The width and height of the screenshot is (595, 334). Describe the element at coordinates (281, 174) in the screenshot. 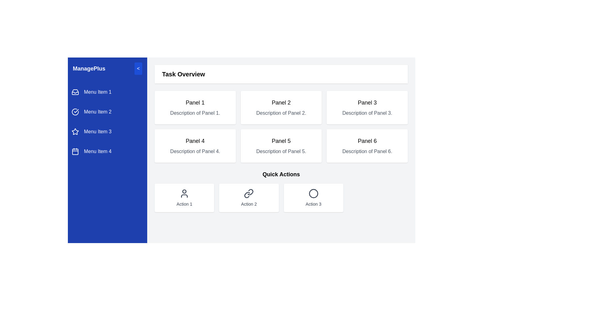

I see `text of the heading label that indicates the purpose of the section containing quick-access options above the grid of buttons` at that location.